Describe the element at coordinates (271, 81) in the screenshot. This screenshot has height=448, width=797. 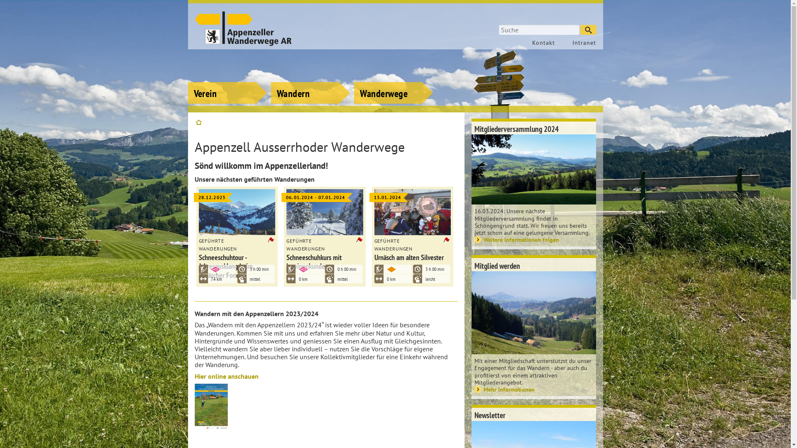
I see `'Wandern'` at that location.